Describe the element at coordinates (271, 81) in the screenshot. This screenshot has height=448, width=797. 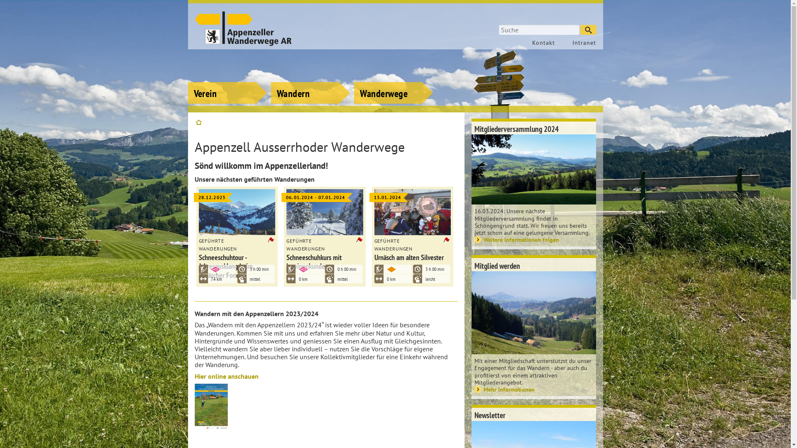
I see `'Wandern'` at that location.